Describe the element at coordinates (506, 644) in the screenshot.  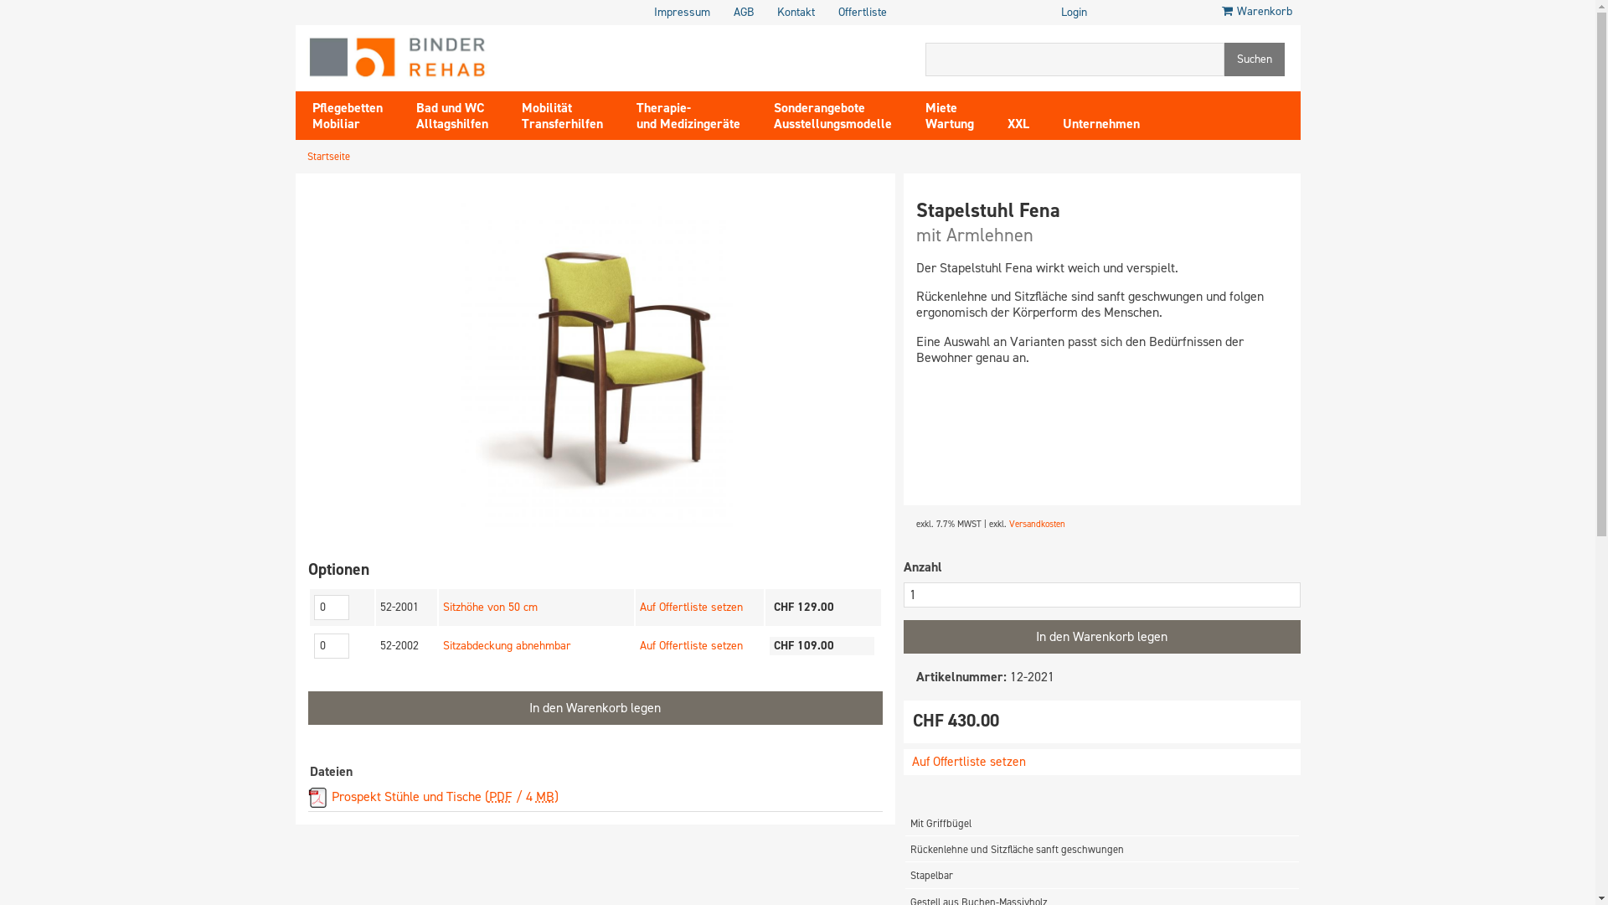
I see `'Sitzabdeckung abnehmbar'` at that location.